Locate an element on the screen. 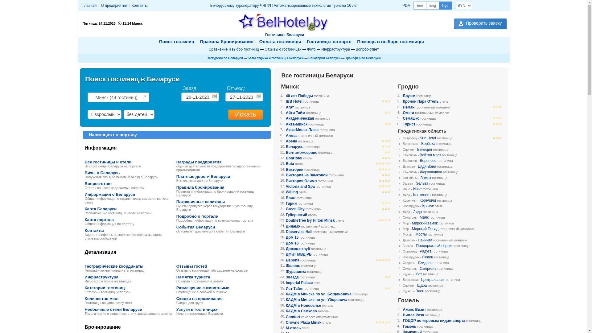 Image resolution: width=592 pixels, height=333 pixels. 'Eng' is located at coordinates (432, 6).